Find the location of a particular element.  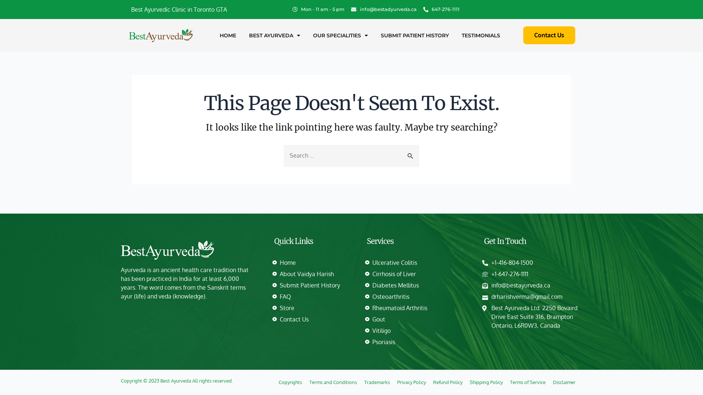

'Store' is located at coordinates (311, 308).